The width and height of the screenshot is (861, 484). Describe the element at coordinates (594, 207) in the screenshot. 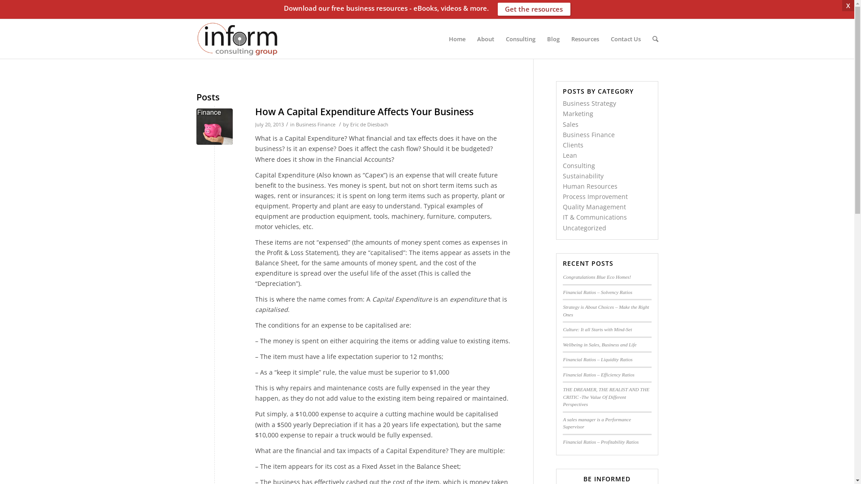

I see `'Quality Management'` at that location.